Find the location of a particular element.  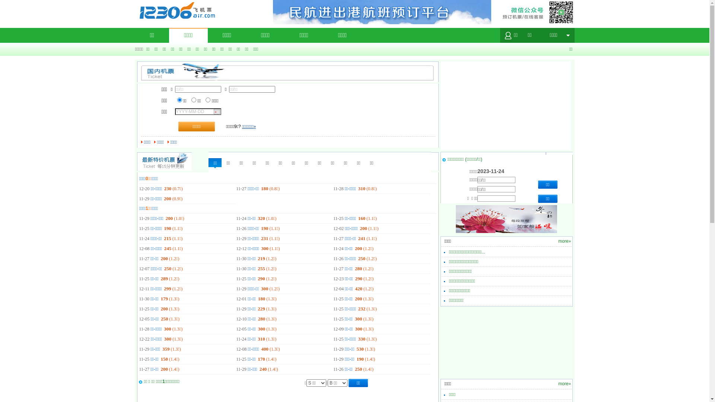

'3' is located at coordinates (208, 99).